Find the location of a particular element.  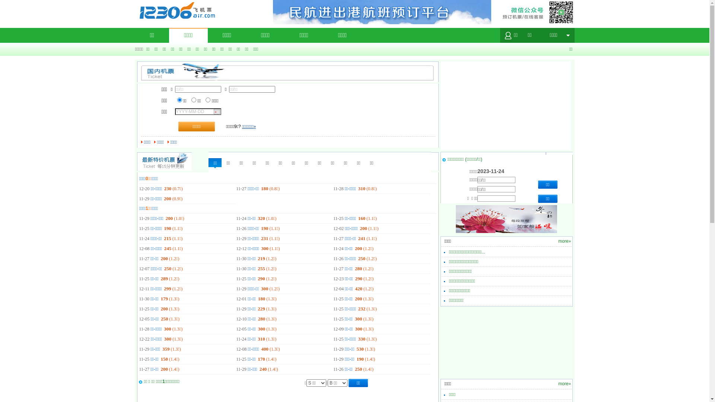

'3' is located at coordinates (208, 99).